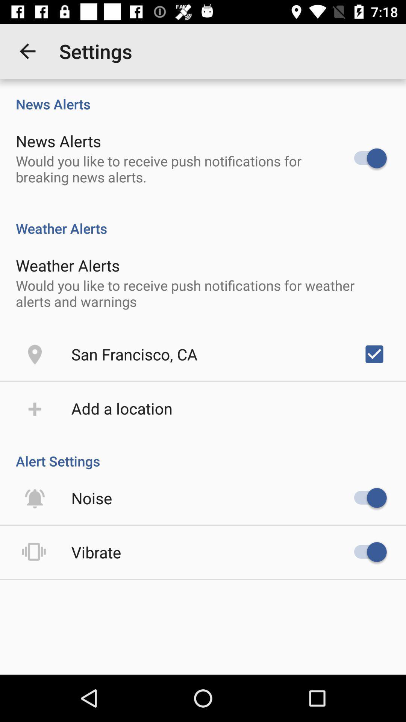  Describe the element at coordinates (134, 353) in the screenshot. I see `the item above add a location icon` at that location.